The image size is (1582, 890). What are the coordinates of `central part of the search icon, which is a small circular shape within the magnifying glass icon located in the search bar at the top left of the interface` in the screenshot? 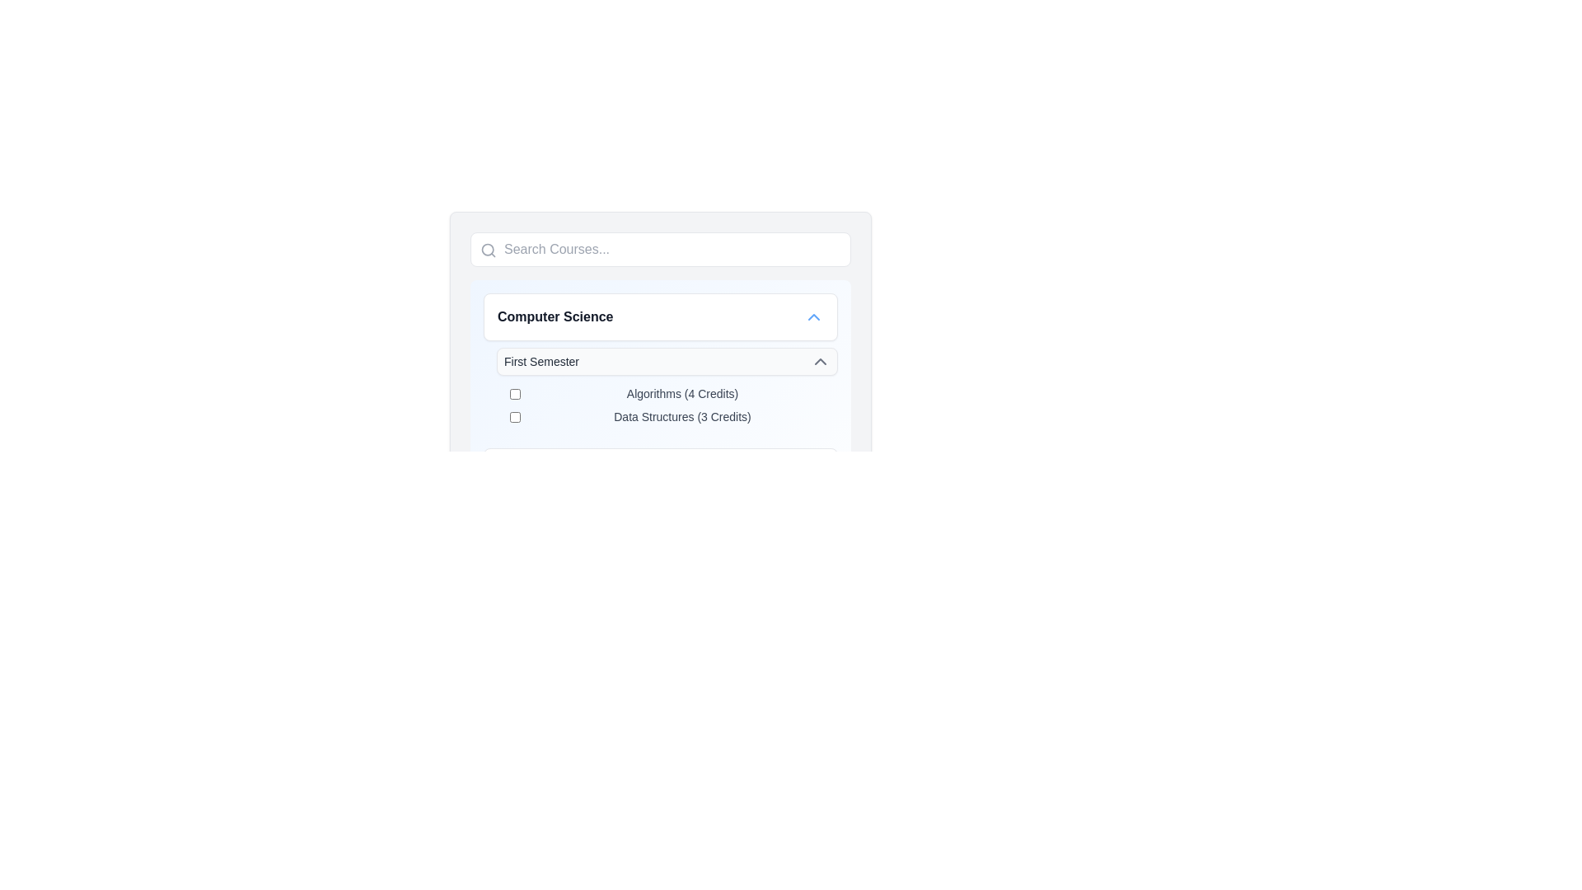 It's located at (487, 250).